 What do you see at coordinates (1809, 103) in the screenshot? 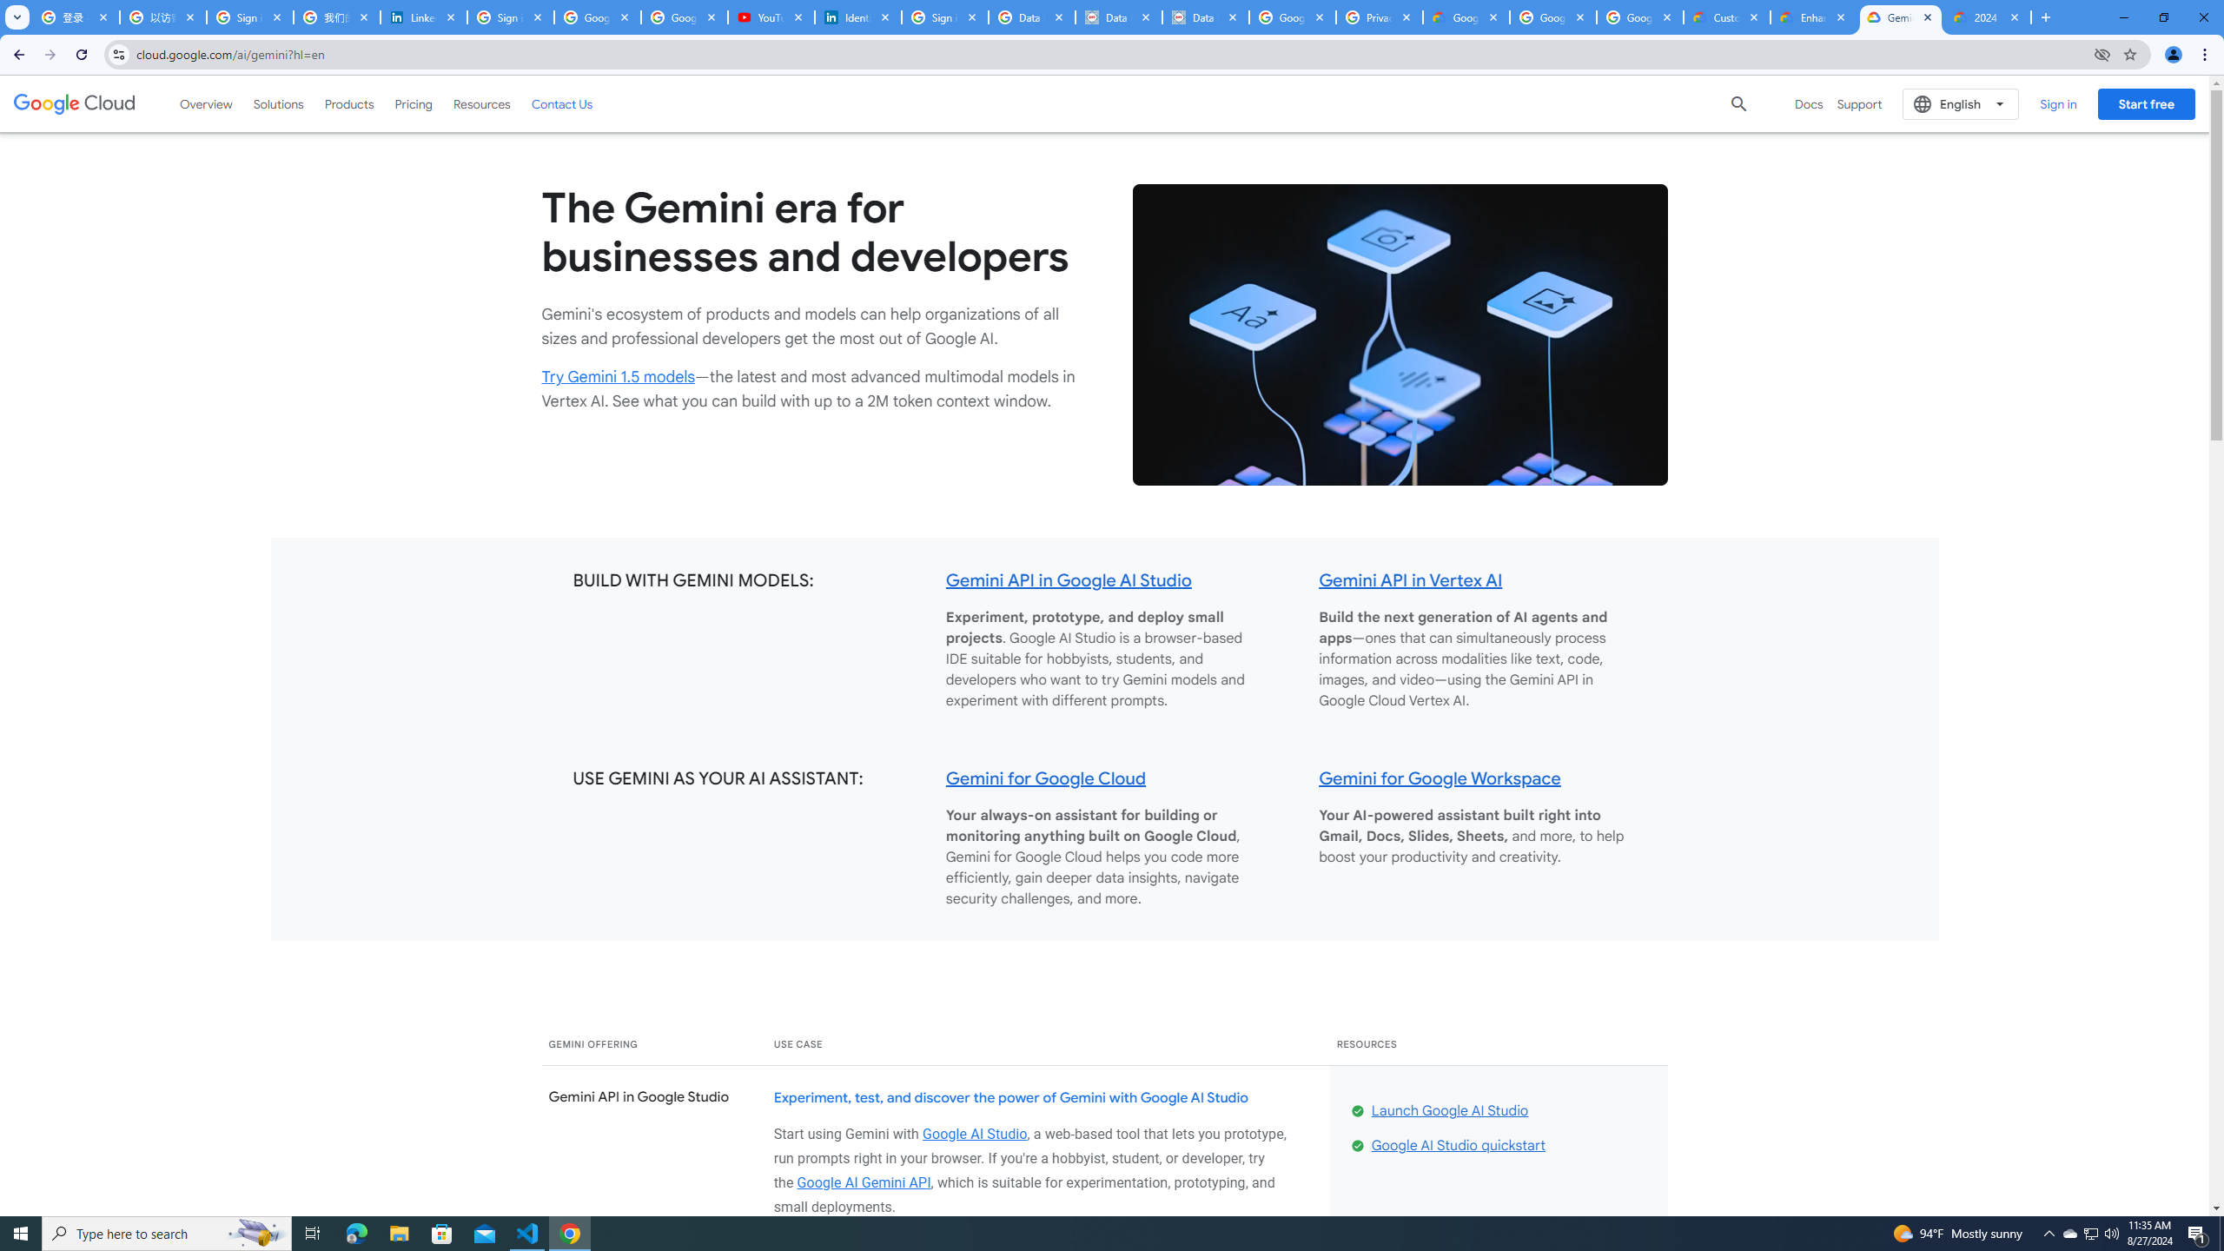
I see `'Docs'` at bounding box center [1809, 103].